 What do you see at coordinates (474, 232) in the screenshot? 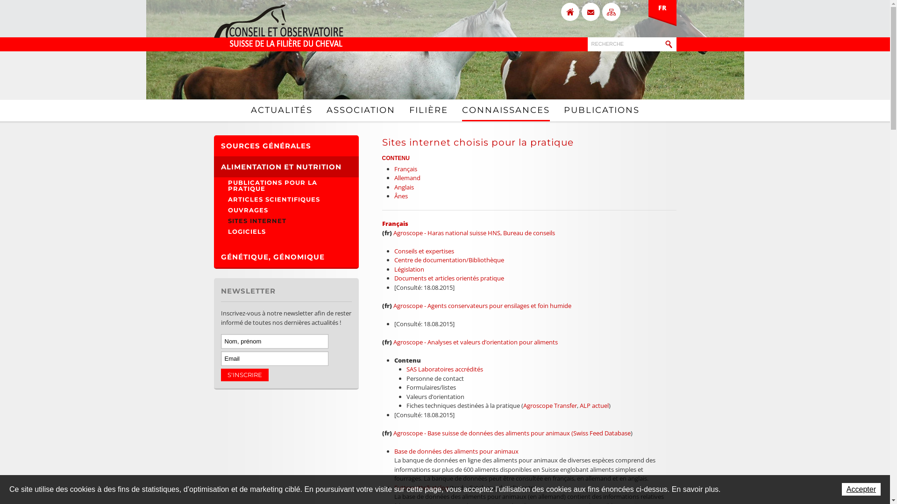
I see `'Agroscope - Haras national suisse HNS, Bureau de conseils'` at bounding box center [474, 232].